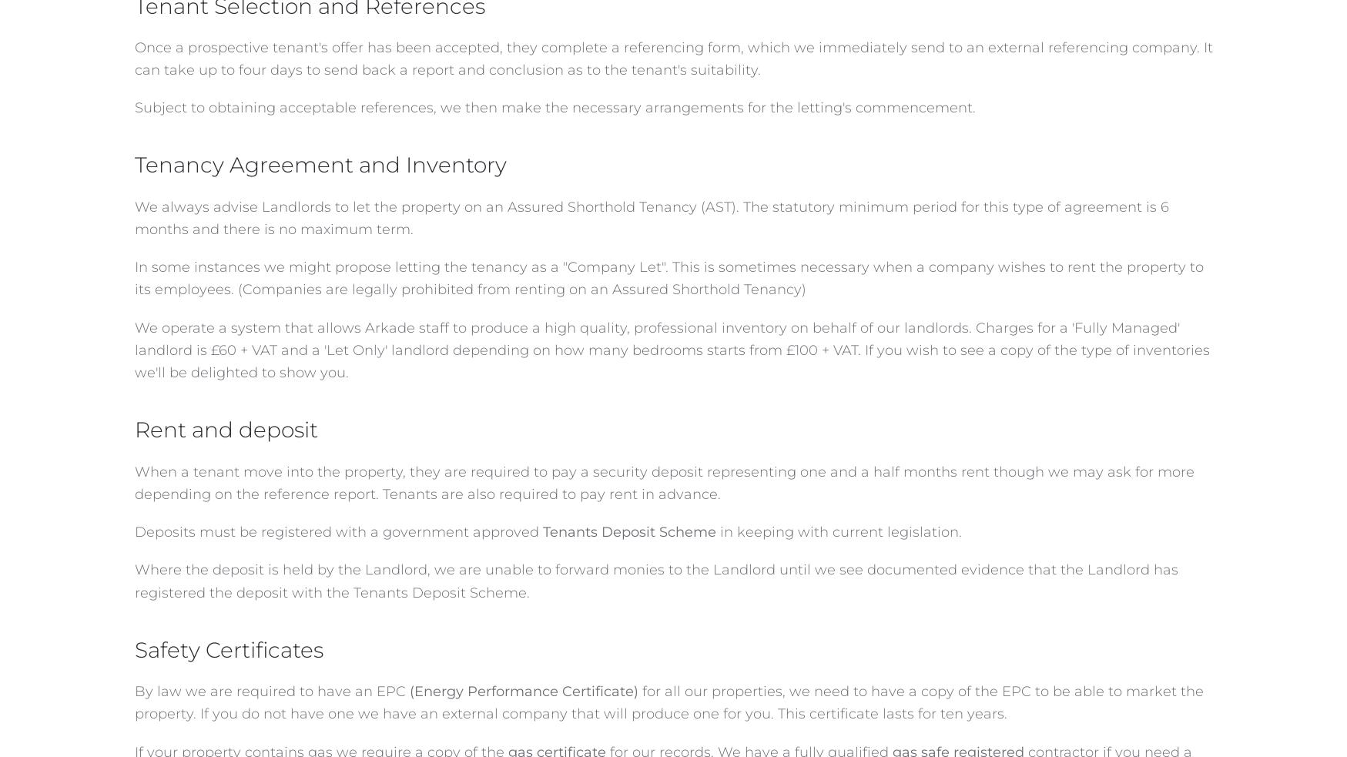 The width and height of the screenshot is (1347, 757). Describe the element at coordinates (224, 430) in the screenshot. I see `'Rent and deposit'` at that location.